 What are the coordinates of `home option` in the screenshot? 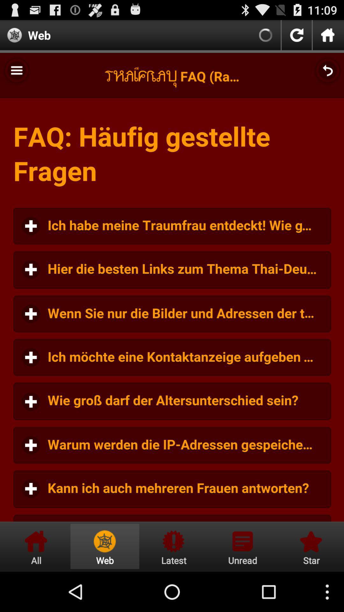 It's located at (36, 546).